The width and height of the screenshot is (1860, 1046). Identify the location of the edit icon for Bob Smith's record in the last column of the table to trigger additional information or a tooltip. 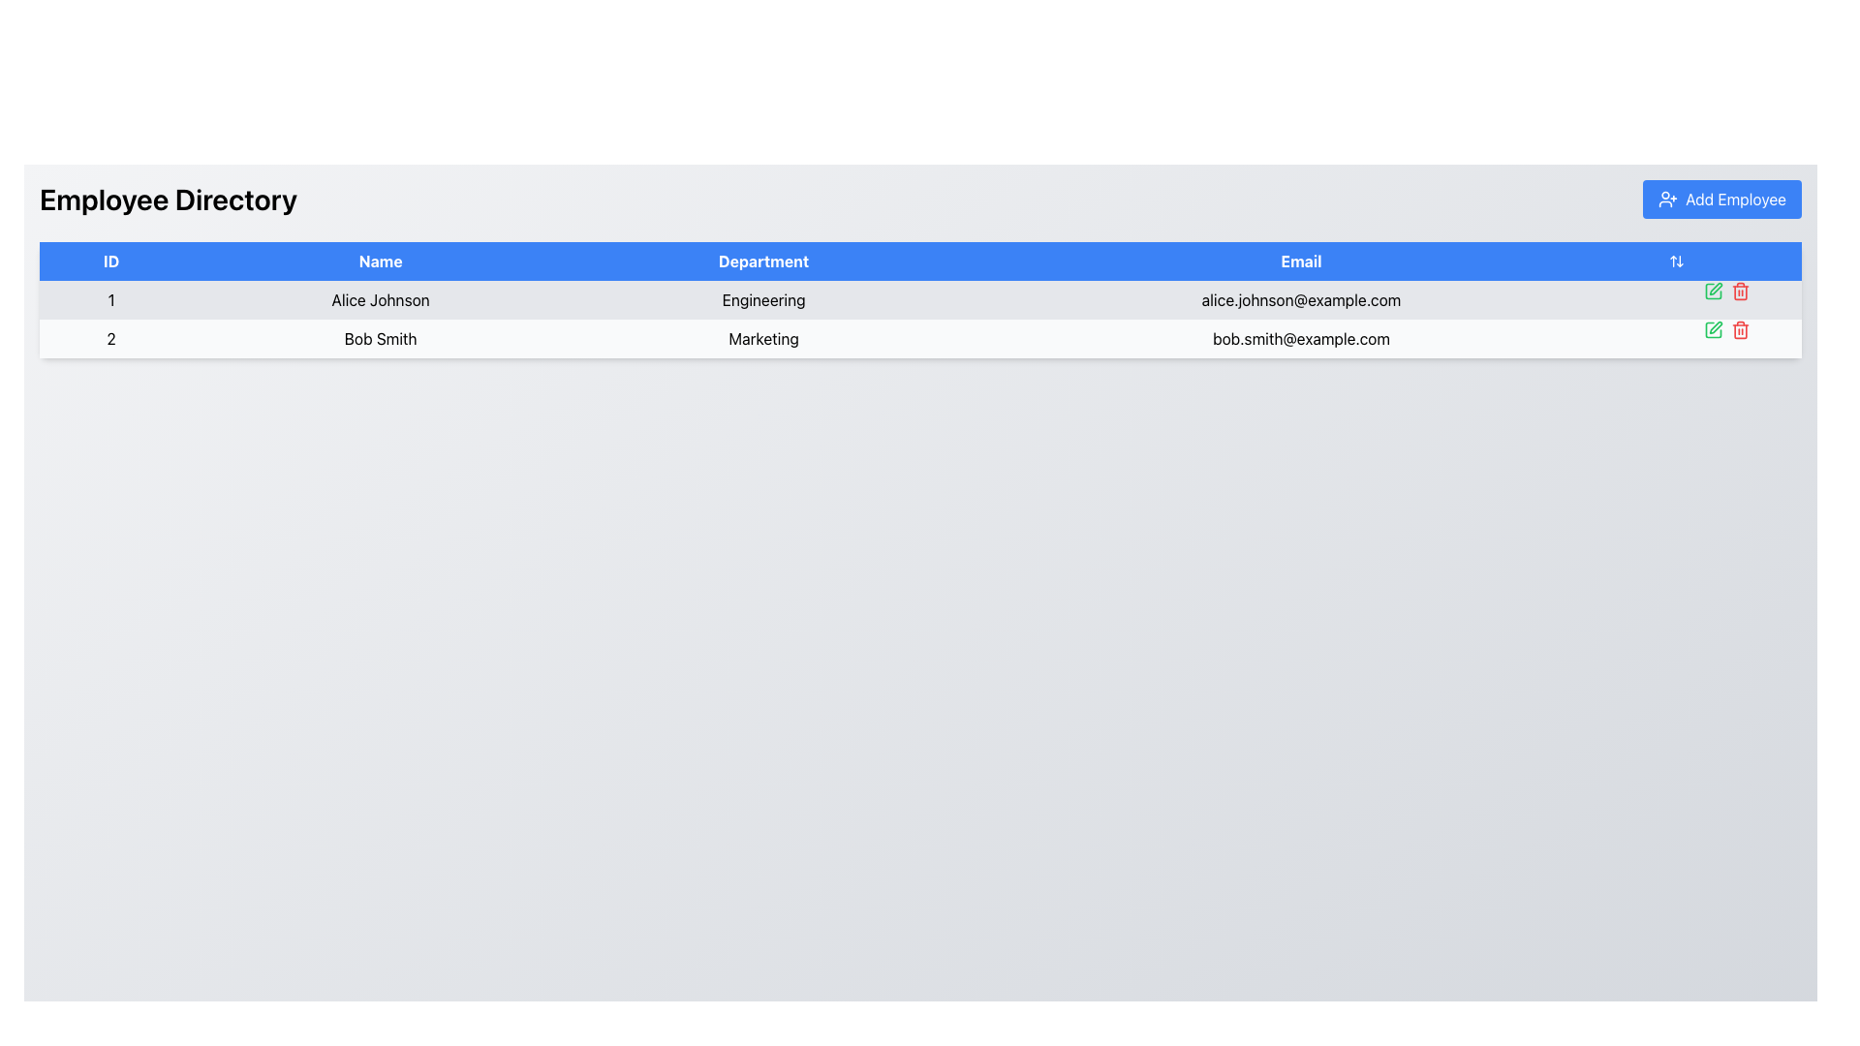
(1714, 328).